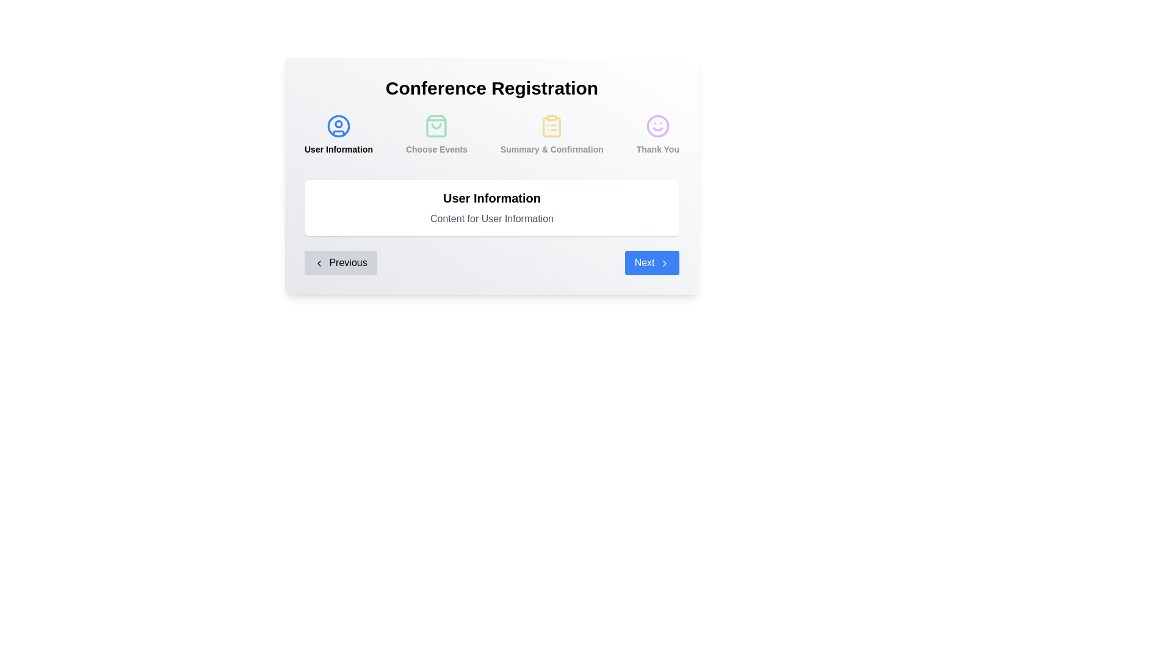 This screenshot has height=659, width=1172. What do you see at coordinates (551, 126) in the screenshot?
I see `the clipboard icon with a list, styled in yellow, located under the 'Summary & Confirmation' label, which is the third icon from the left in the row under 'Conference Registration'` at bounding box center [551, 126].